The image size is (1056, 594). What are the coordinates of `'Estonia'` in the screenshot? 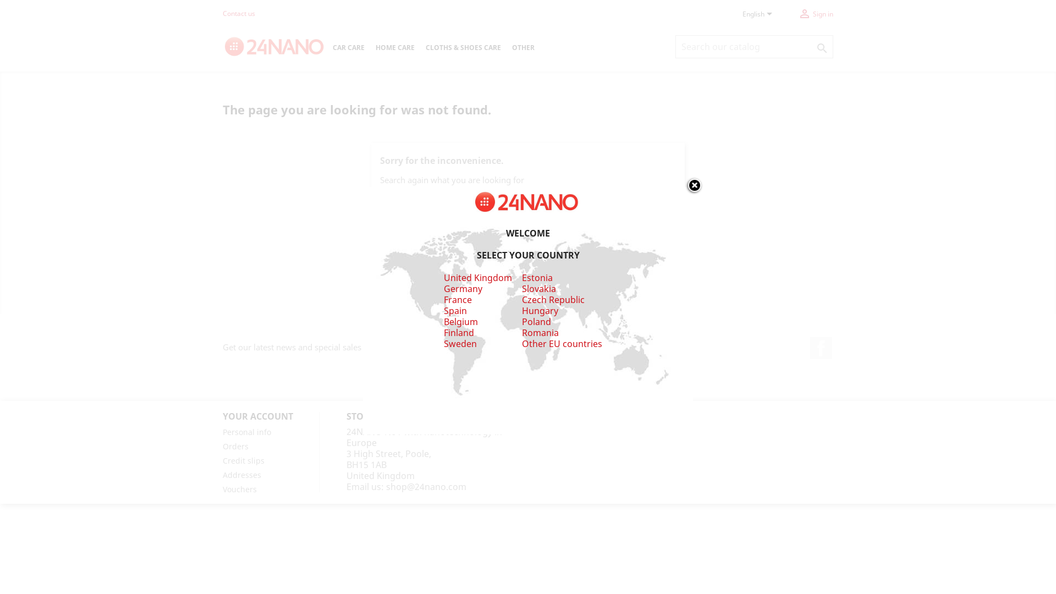 It's located at (521, 277).